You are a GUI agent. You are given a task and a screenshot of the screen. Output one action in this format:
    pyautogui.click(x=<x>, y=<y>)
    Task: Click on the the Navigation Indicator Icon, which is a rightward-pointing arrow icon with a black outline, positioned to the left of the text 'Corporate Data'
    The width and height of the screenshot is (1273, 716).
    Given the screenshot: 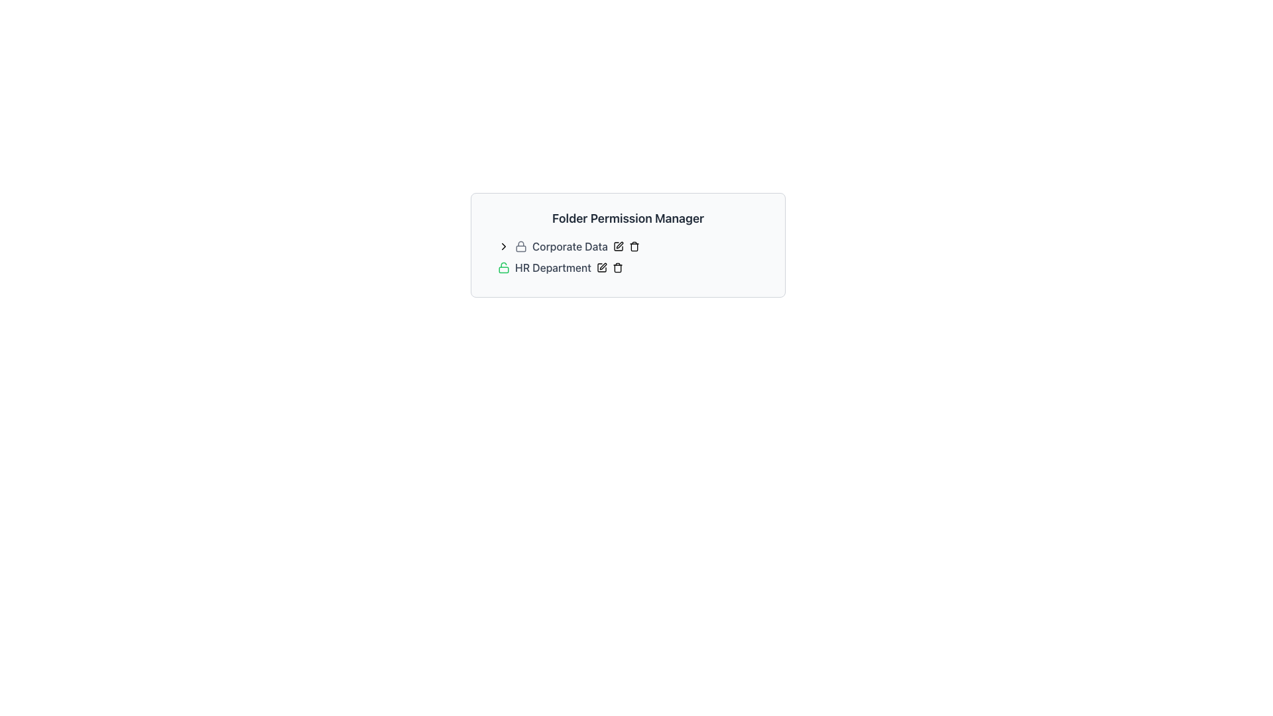 What is the action you would take?
    pyautogui.click(x=503, y=246)
    